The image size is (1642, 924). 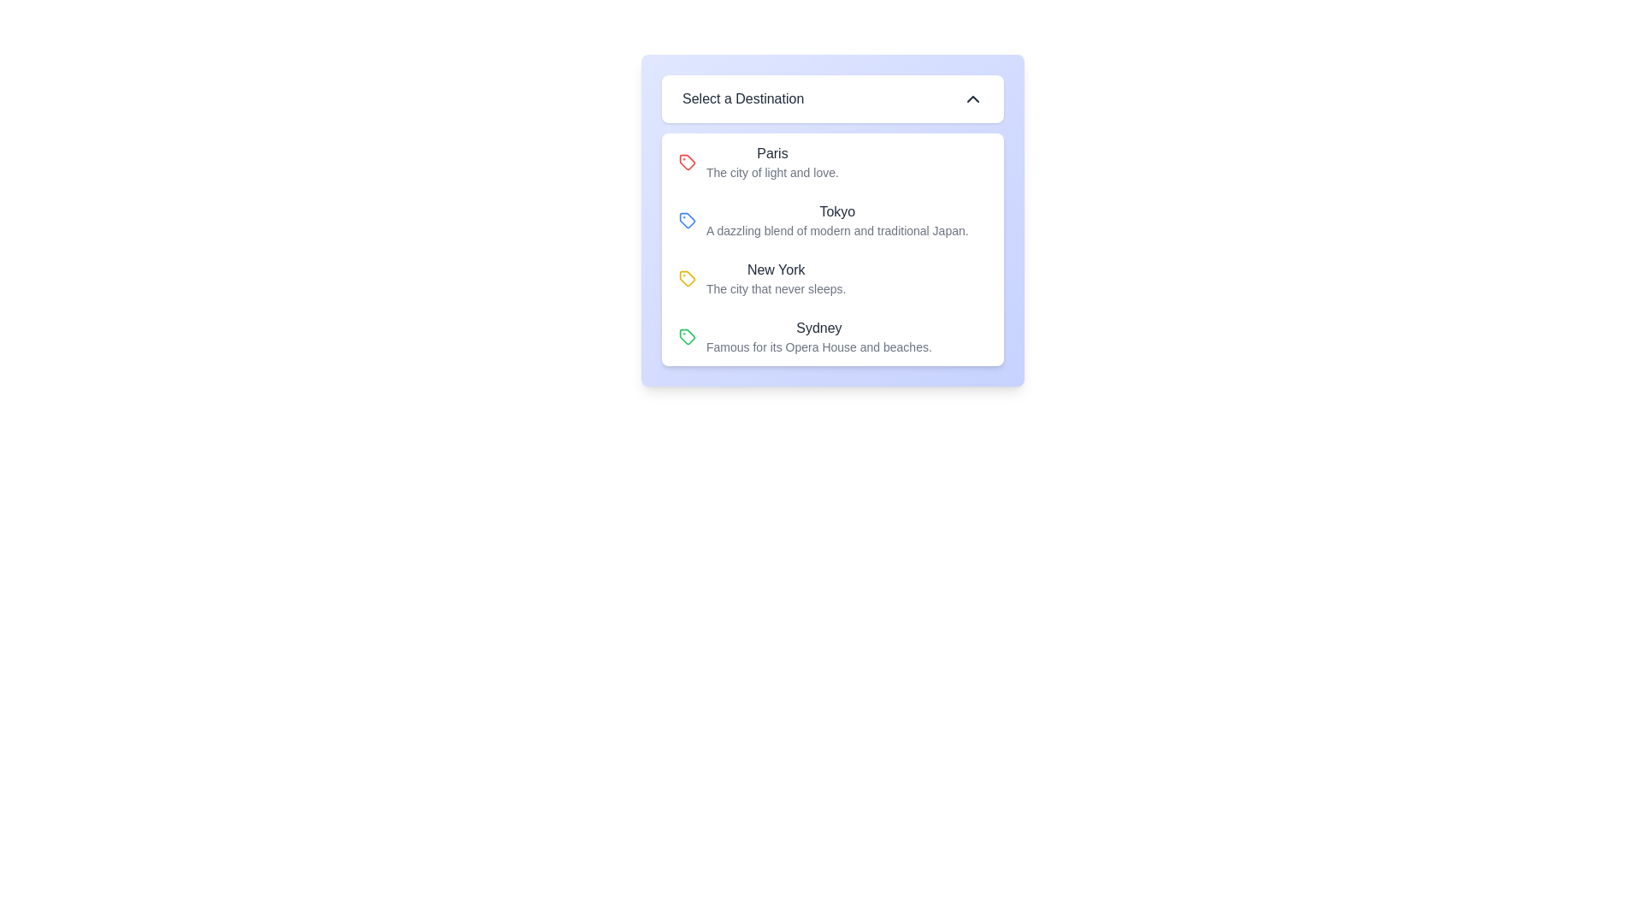 I want to click on the static text label displaying the destination name 'Sydney' in the fourth entry of the vertically stacked list of destination options, so click(x=818, y=329).